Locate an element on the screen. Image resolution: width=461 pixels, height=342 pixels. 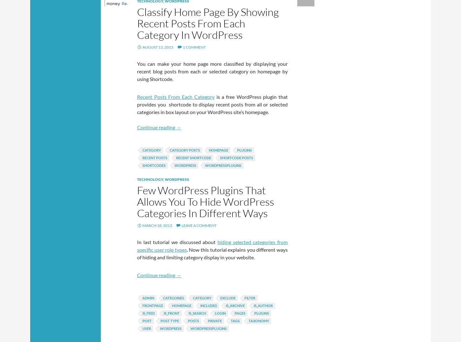
'admin' is located at coordinates (142, 298).